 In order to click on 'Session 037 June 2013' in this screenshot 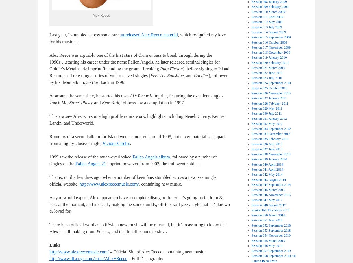, I will do `click(267, 149)`.